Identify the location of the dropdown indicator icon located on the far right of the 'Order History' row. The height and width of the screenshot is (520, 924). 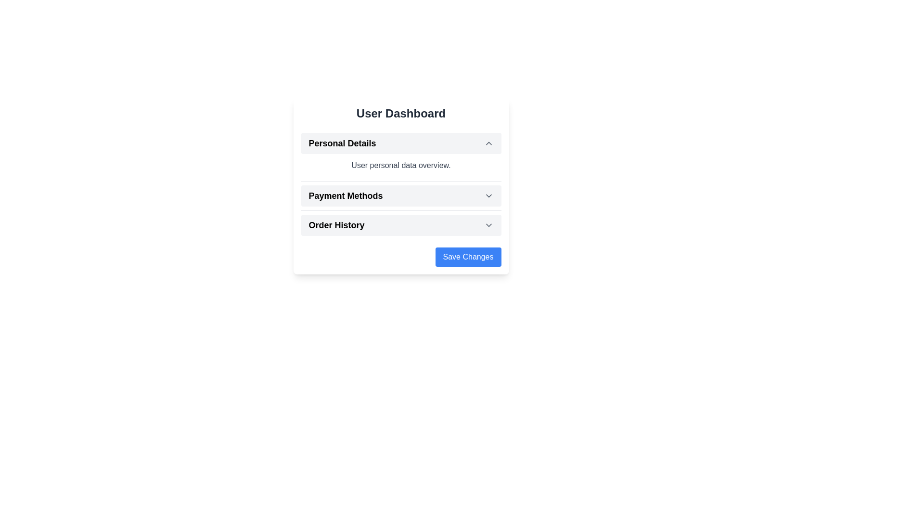
(488, 225).